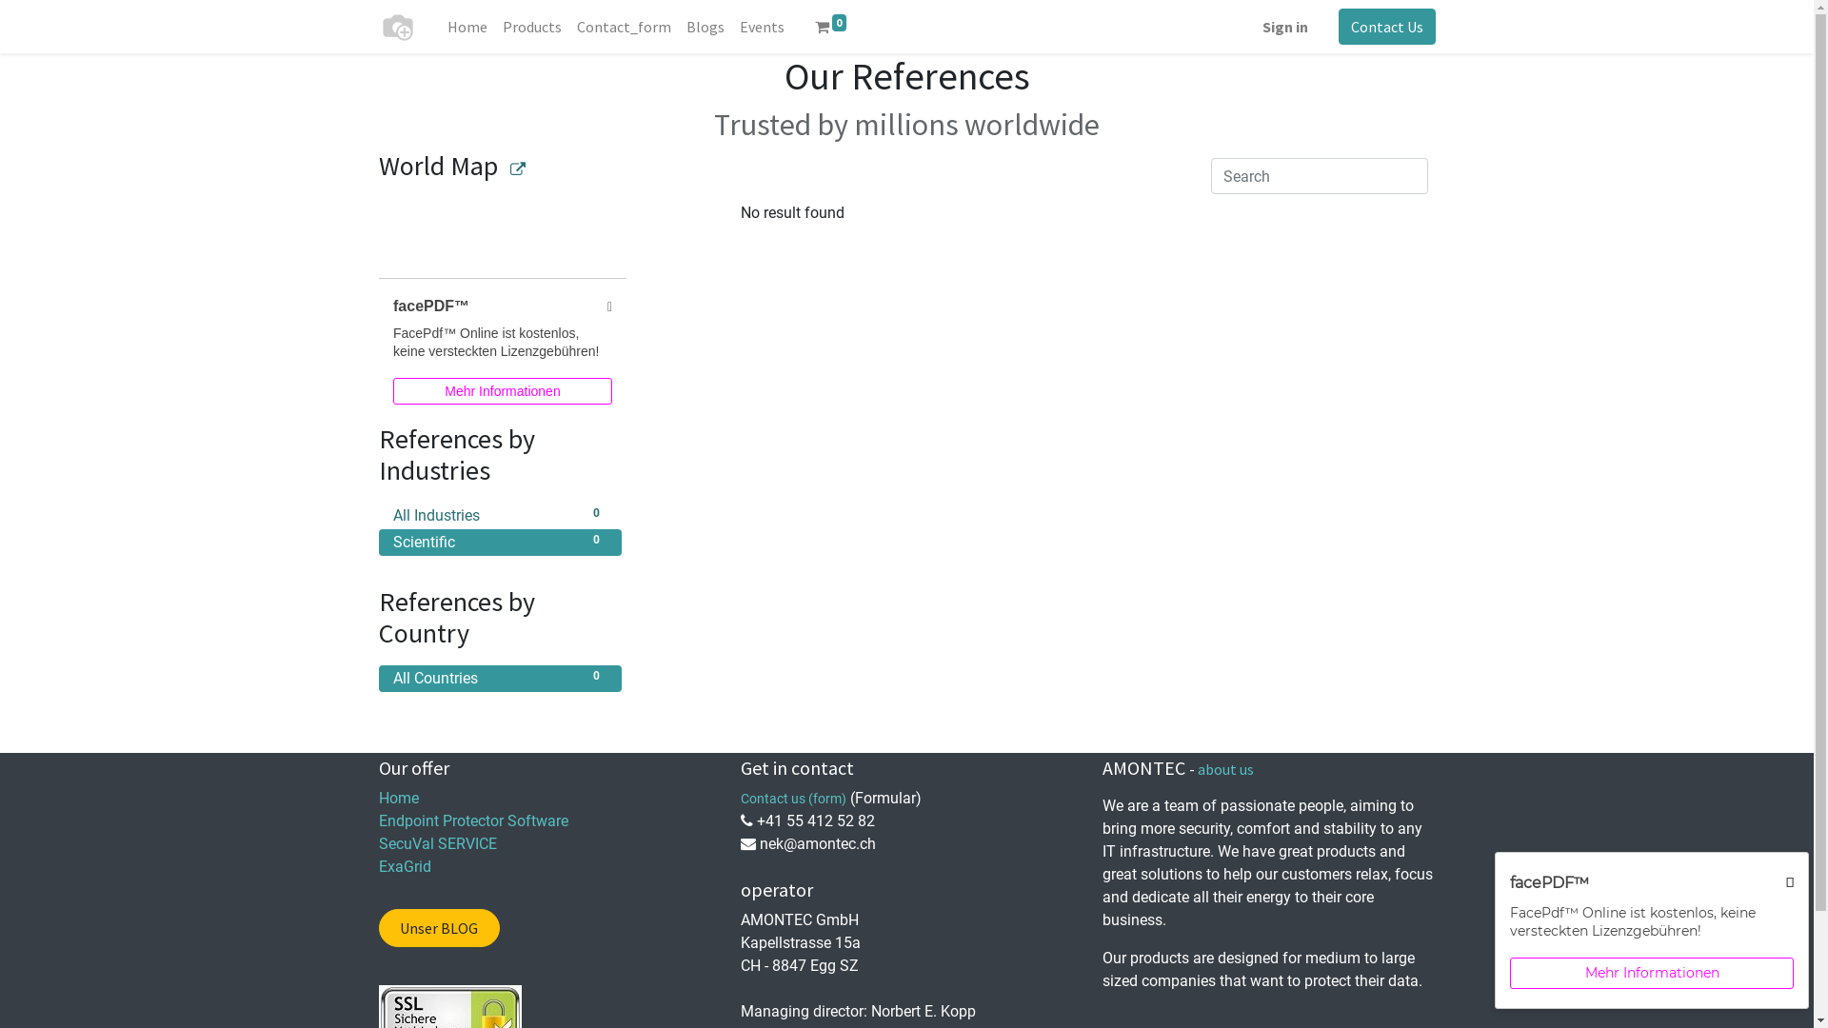 The width and height of the screenshot is (1828, 1028). What do you see at coordinates (531, 26) in the screenshot?
I see `'Products'` at bounding box center [531, 26].